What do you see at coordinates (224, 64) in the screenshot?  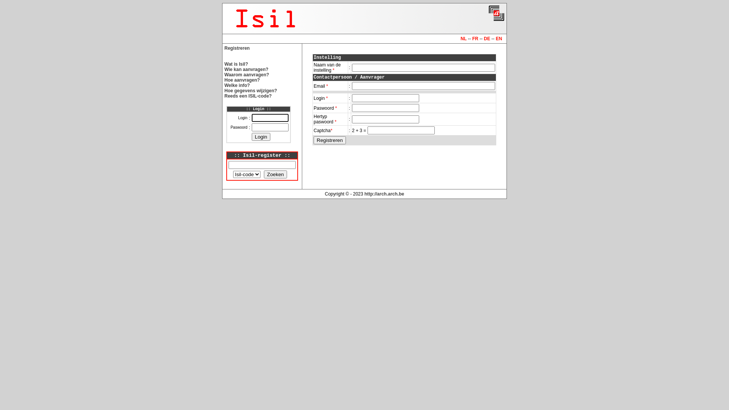 I see `'Wat is Isil?'` at bounding box center [224, 64].